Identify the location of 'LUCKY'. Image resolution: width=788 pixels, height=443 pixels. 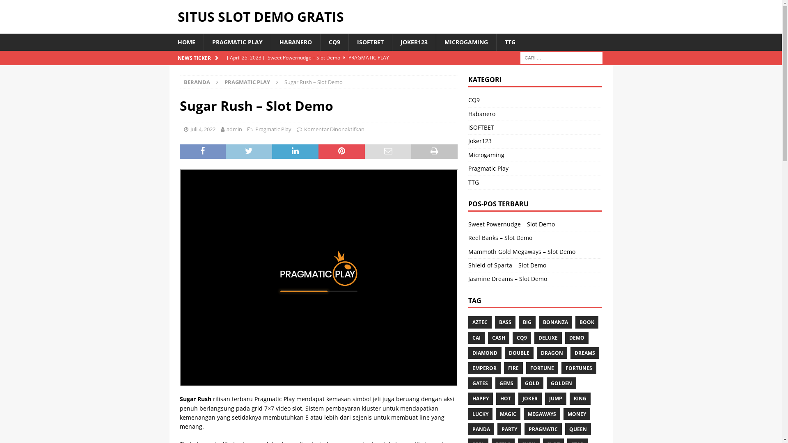
(468, 414).